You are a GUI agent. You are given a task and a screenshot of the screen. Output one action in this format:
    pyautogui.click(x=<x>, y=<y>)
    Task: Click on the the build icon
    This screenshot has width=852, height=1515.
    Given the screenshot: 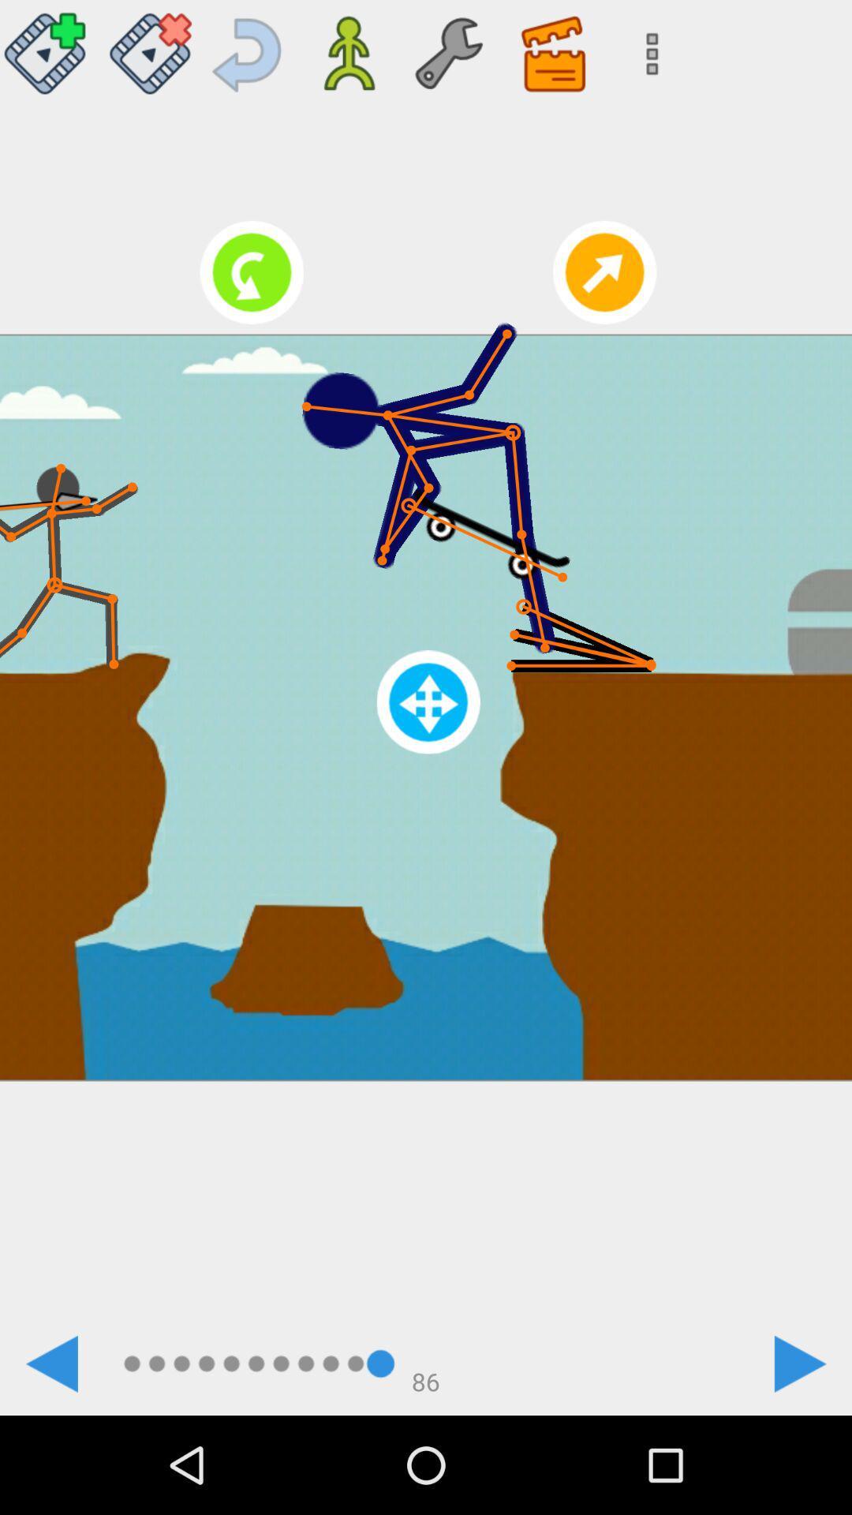 What is the action you would take?
    pyautogui.click(x=448, y=47)
    